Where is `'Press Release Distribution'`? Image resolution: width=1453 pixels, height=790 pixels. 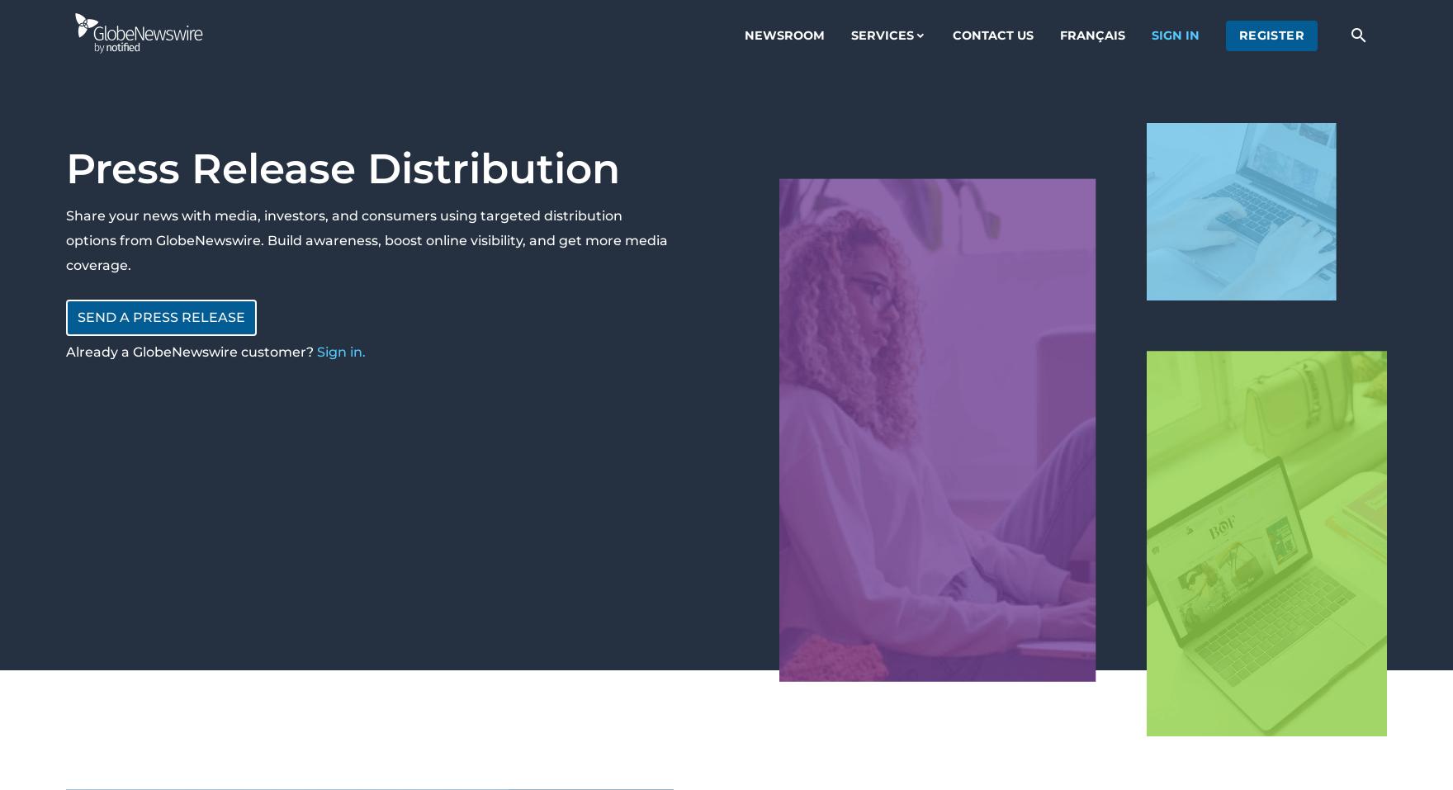 'Press Release Distribution' is located at coordinates (342, 168).